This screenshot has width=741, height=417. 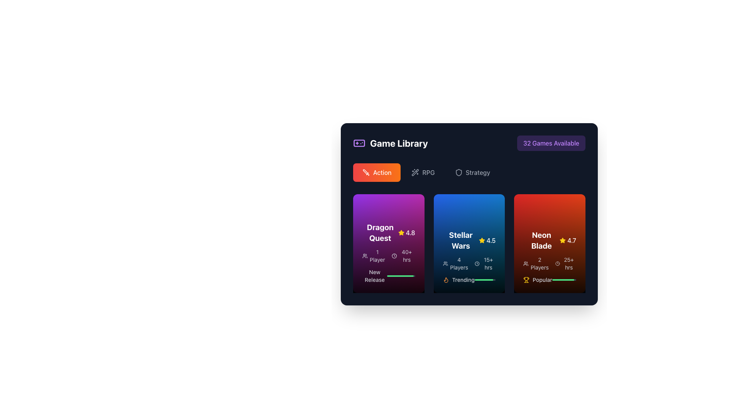 What do you see at coordinates (399, 143) in the screenshot?
I see `the 'Game Library' text label, which is displayed in a bold, large-sized white font and located to the right of a purple game controller icon and left of a purple badge showing '32 Games Available'` at bounding box center [399, 143].